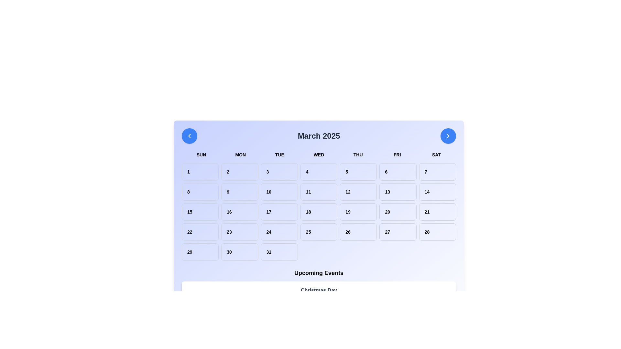  Describe the element at coordinates (189, 135) in the screenshot. I see `the leftward chevron icon inside the blue circular navigation button at the top-left corner of the calendar interface` at that location.